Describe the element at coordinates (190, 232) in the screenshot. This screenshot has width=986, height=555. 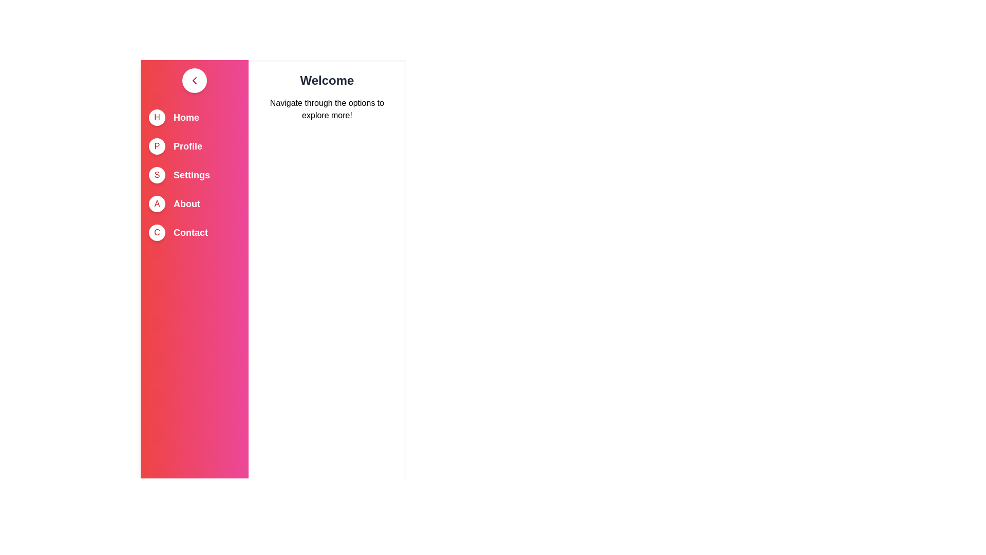
I see `the menu item Contact` at that location.